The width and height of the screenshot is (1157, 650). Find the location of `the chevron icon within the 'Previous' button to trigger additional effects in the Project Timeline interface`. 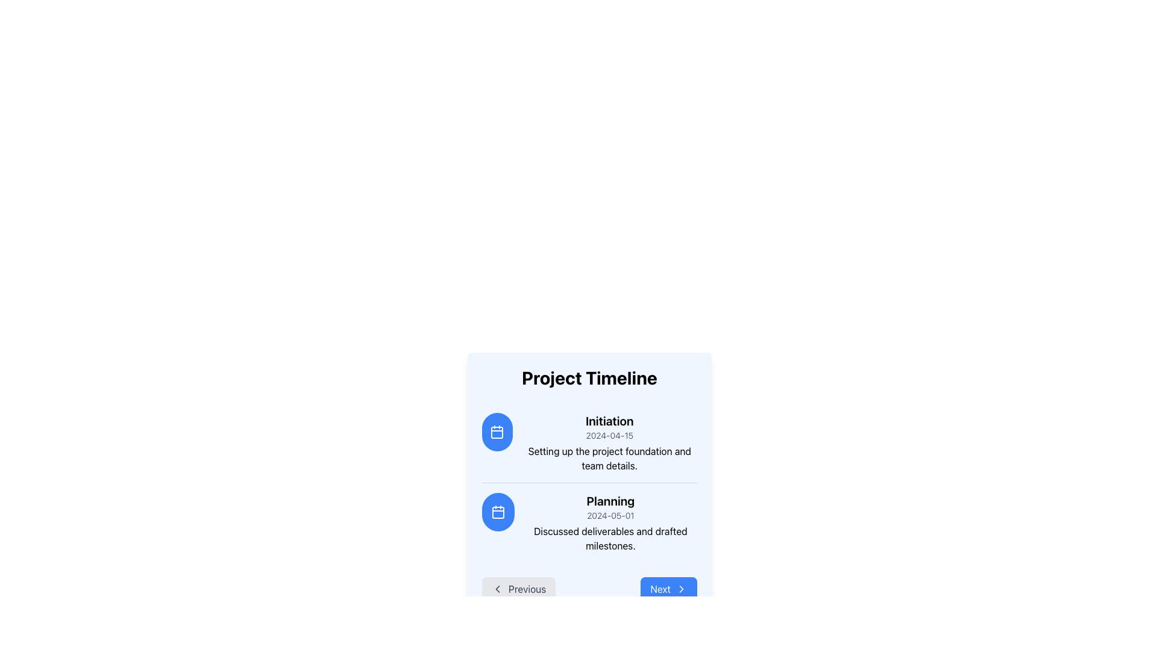

the chevron icon within the 'Previous' button to trigger additional effects in the Project Timeline interface is located at coordinates (497, 589).